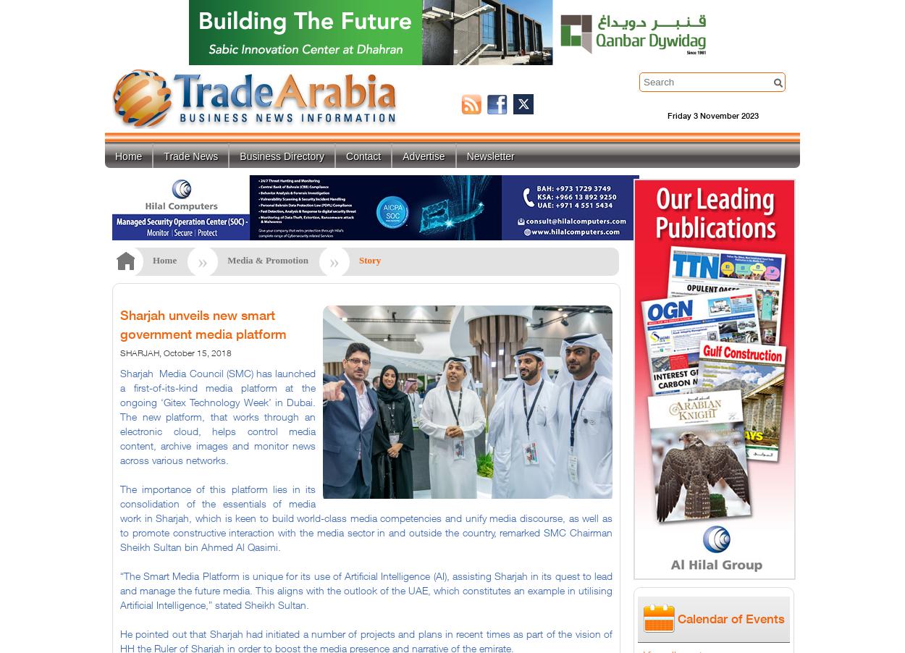  What do you see at coordinates (712, 115) in the screenshot?
I see `'Friday 3 November 2023'` at bounding box center [712, 115].